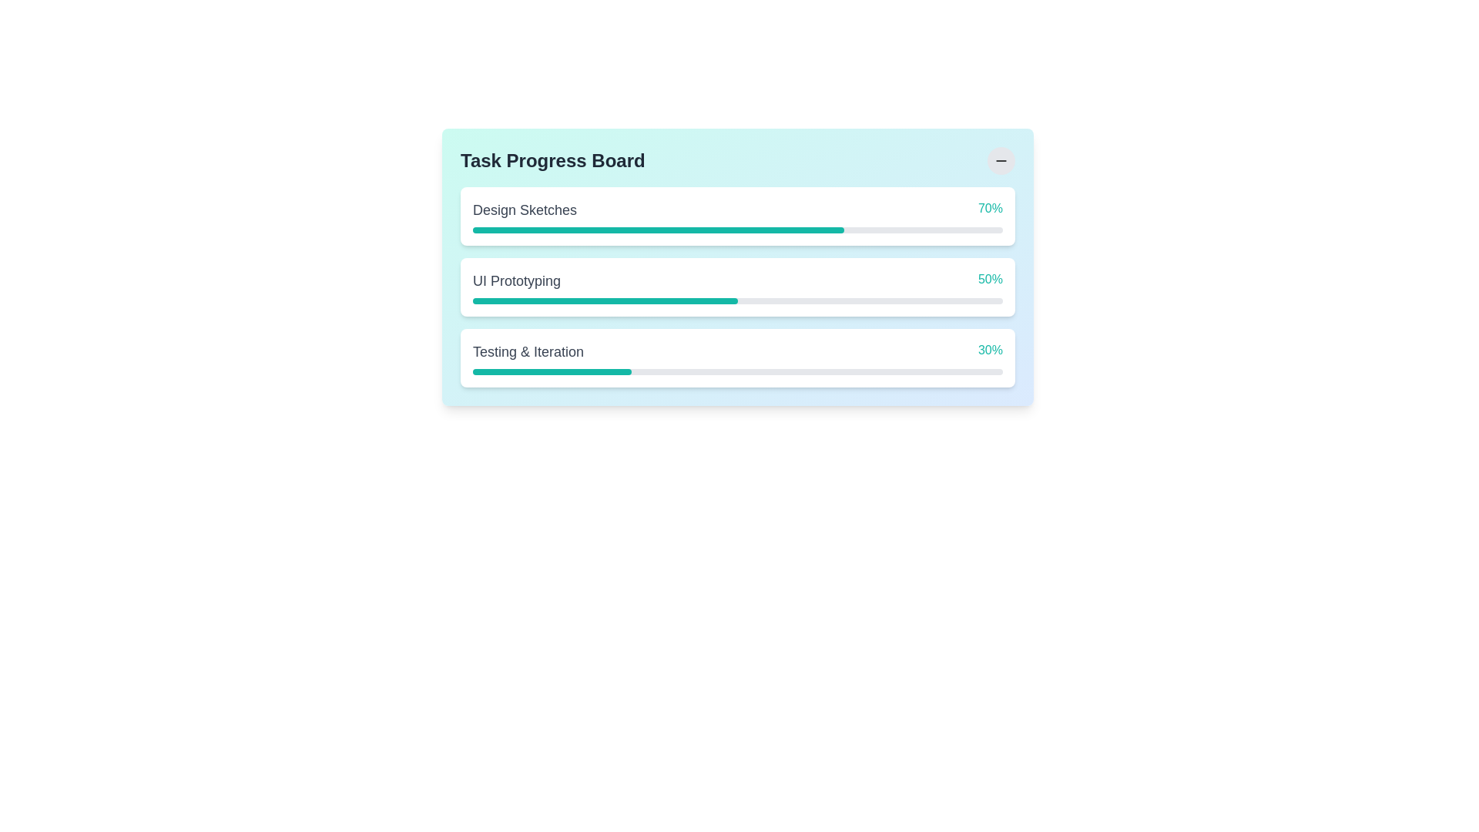  Describe the element at coordinates (737, 371) in the screenshot. I see `the progress bar element which has a gray background and a teal-filled section indicating progress, located below the text 'Testing & Iteration' and the number '30%'` at that location.